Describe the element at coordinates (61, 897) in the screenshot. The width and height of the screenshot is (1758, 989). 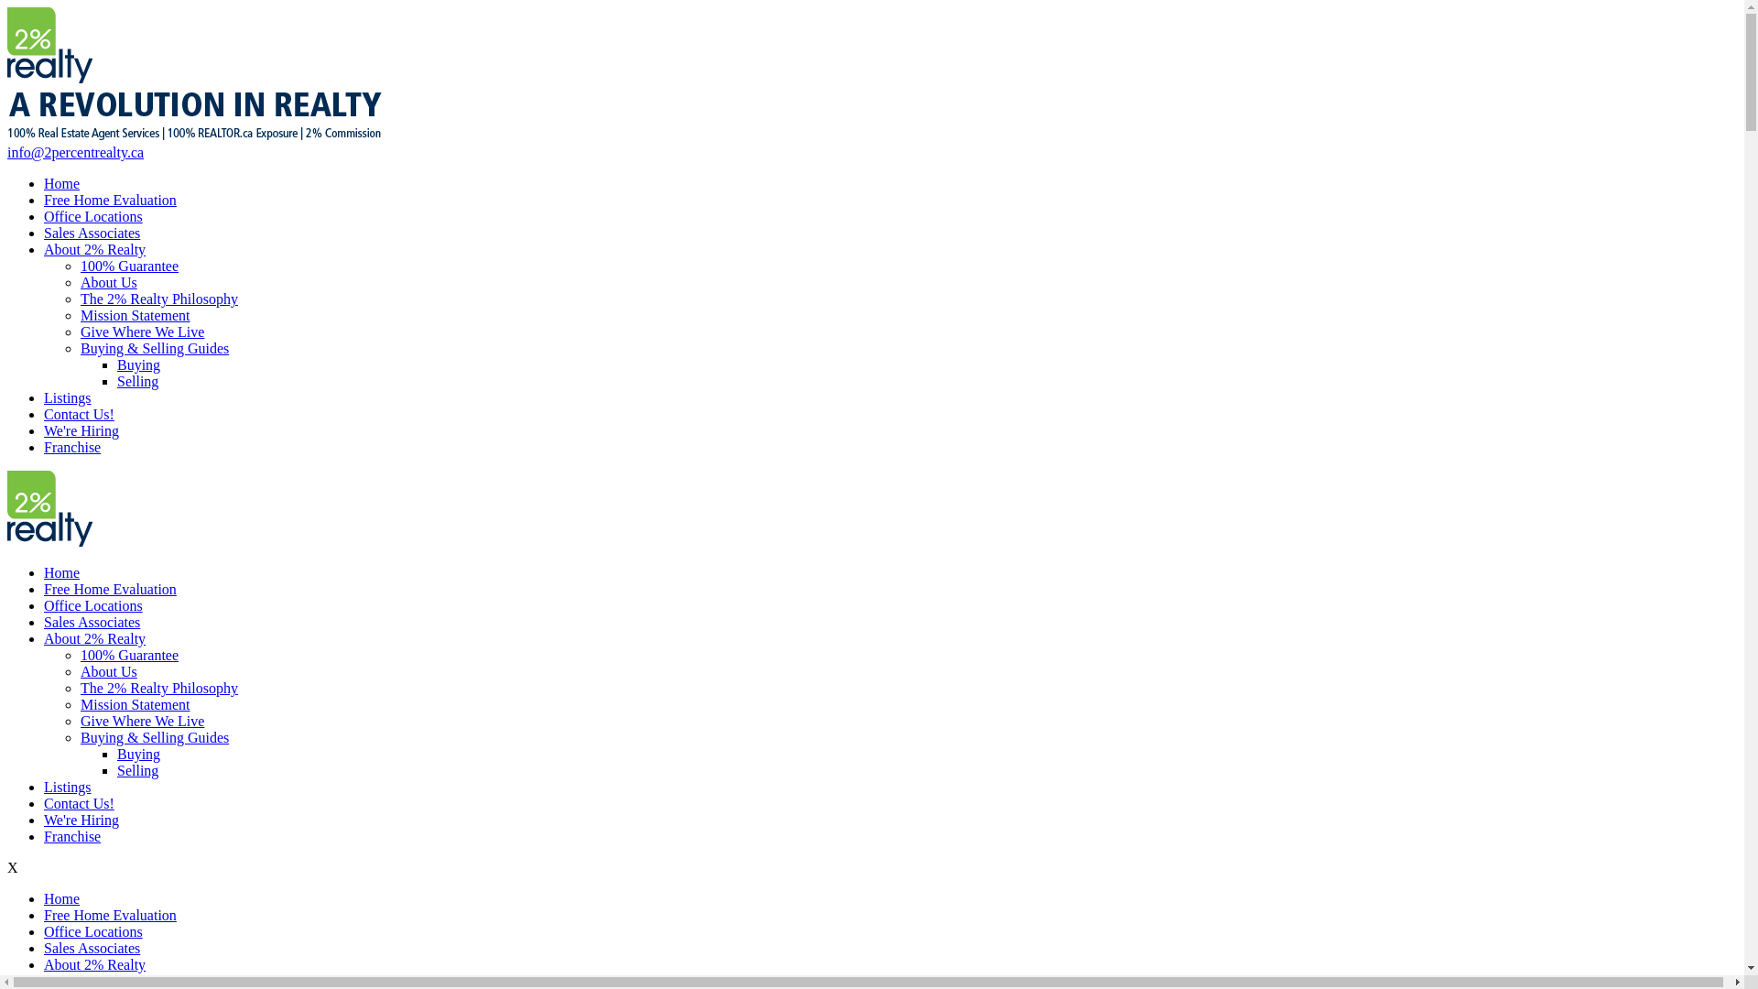
I see `'Home'` at that location.